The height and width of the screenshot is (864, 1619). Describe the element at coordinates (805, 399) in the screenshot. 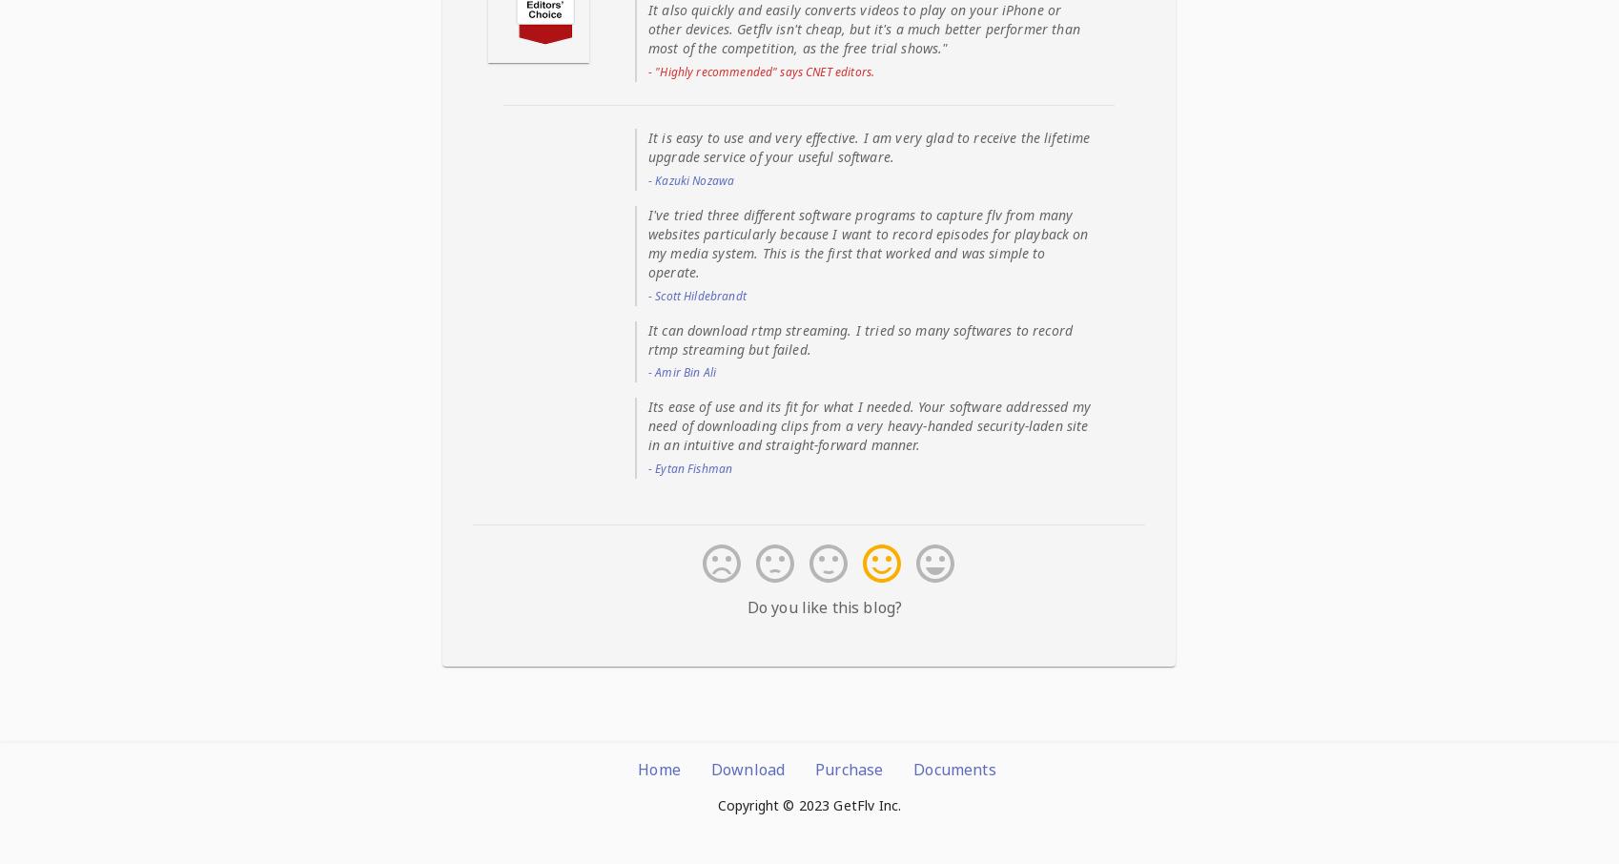

I see `'Please try other powerful methods of Mac Video Downloader to download your video if above instruction can't help you. Get more detailed Step-by-Step'` at that location.